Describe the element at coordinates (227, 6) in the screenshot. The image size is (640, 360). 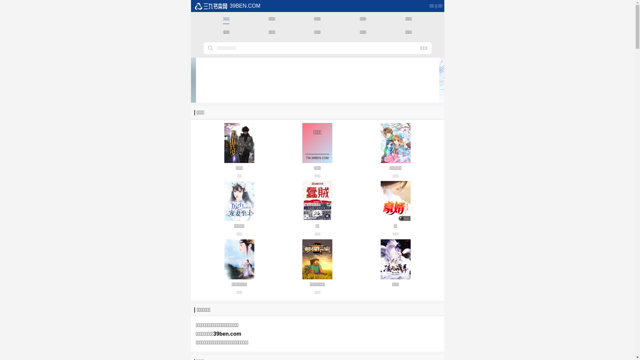
I see `'39BEN.COM'` at that location.